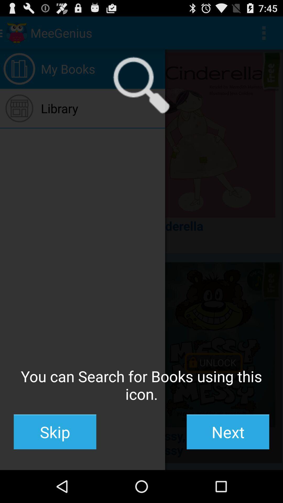 This screenshot has height=503, width=283. I want to click on the skip item, so click(55, 432).